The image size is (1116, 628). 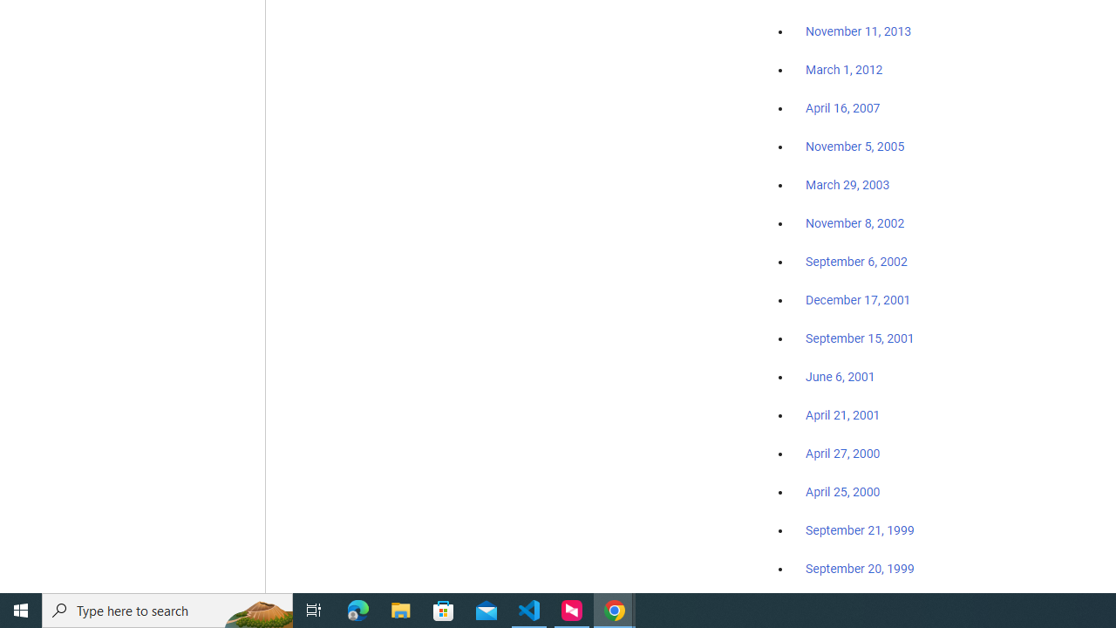 I want to click on 'April 21, 2001', so click(x=843, y=415).